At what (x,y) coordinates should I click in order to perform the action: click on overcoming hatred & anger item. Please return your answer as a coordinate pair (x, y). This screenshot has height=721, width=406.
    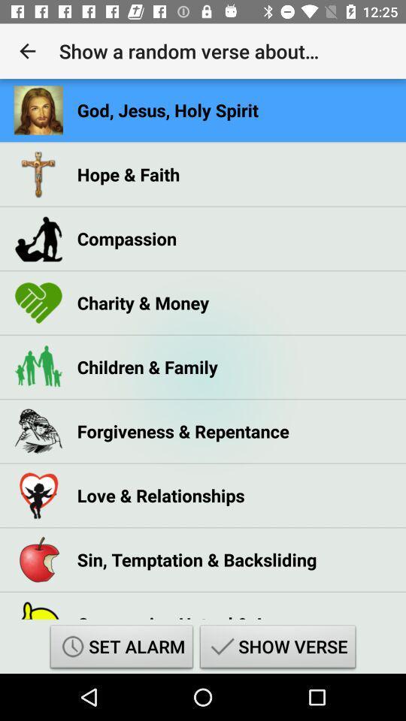
    Looking at the image, I should click on (189, 612).